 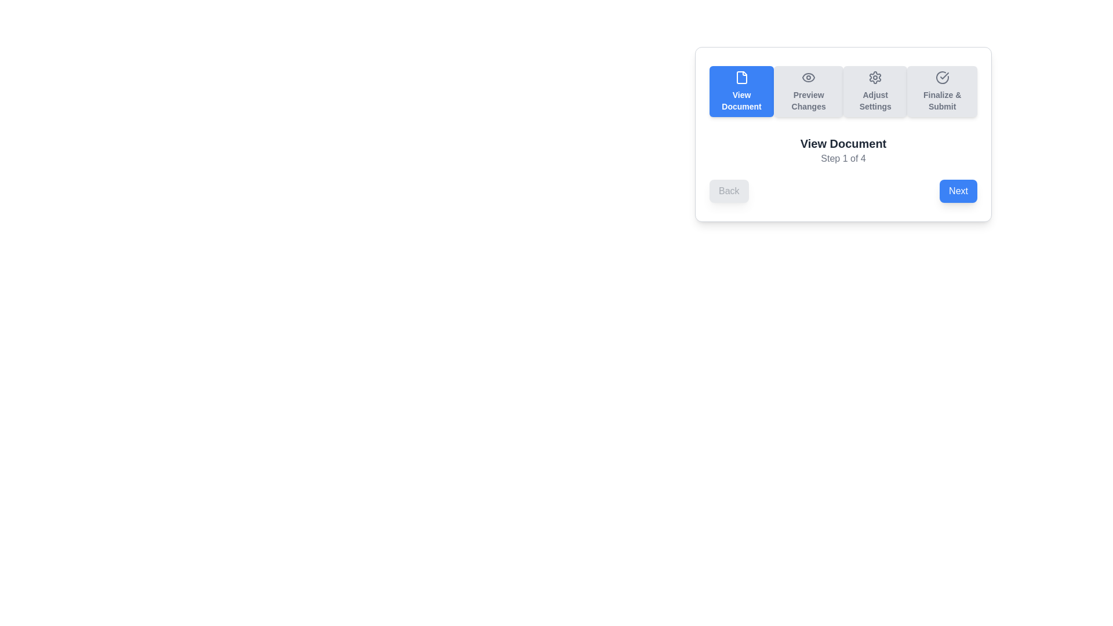 What do you see at coordinates (958, 191) in the screenshot?
I see `the 'Next' button to navigate to the next step` at bounding box center [958, 191].